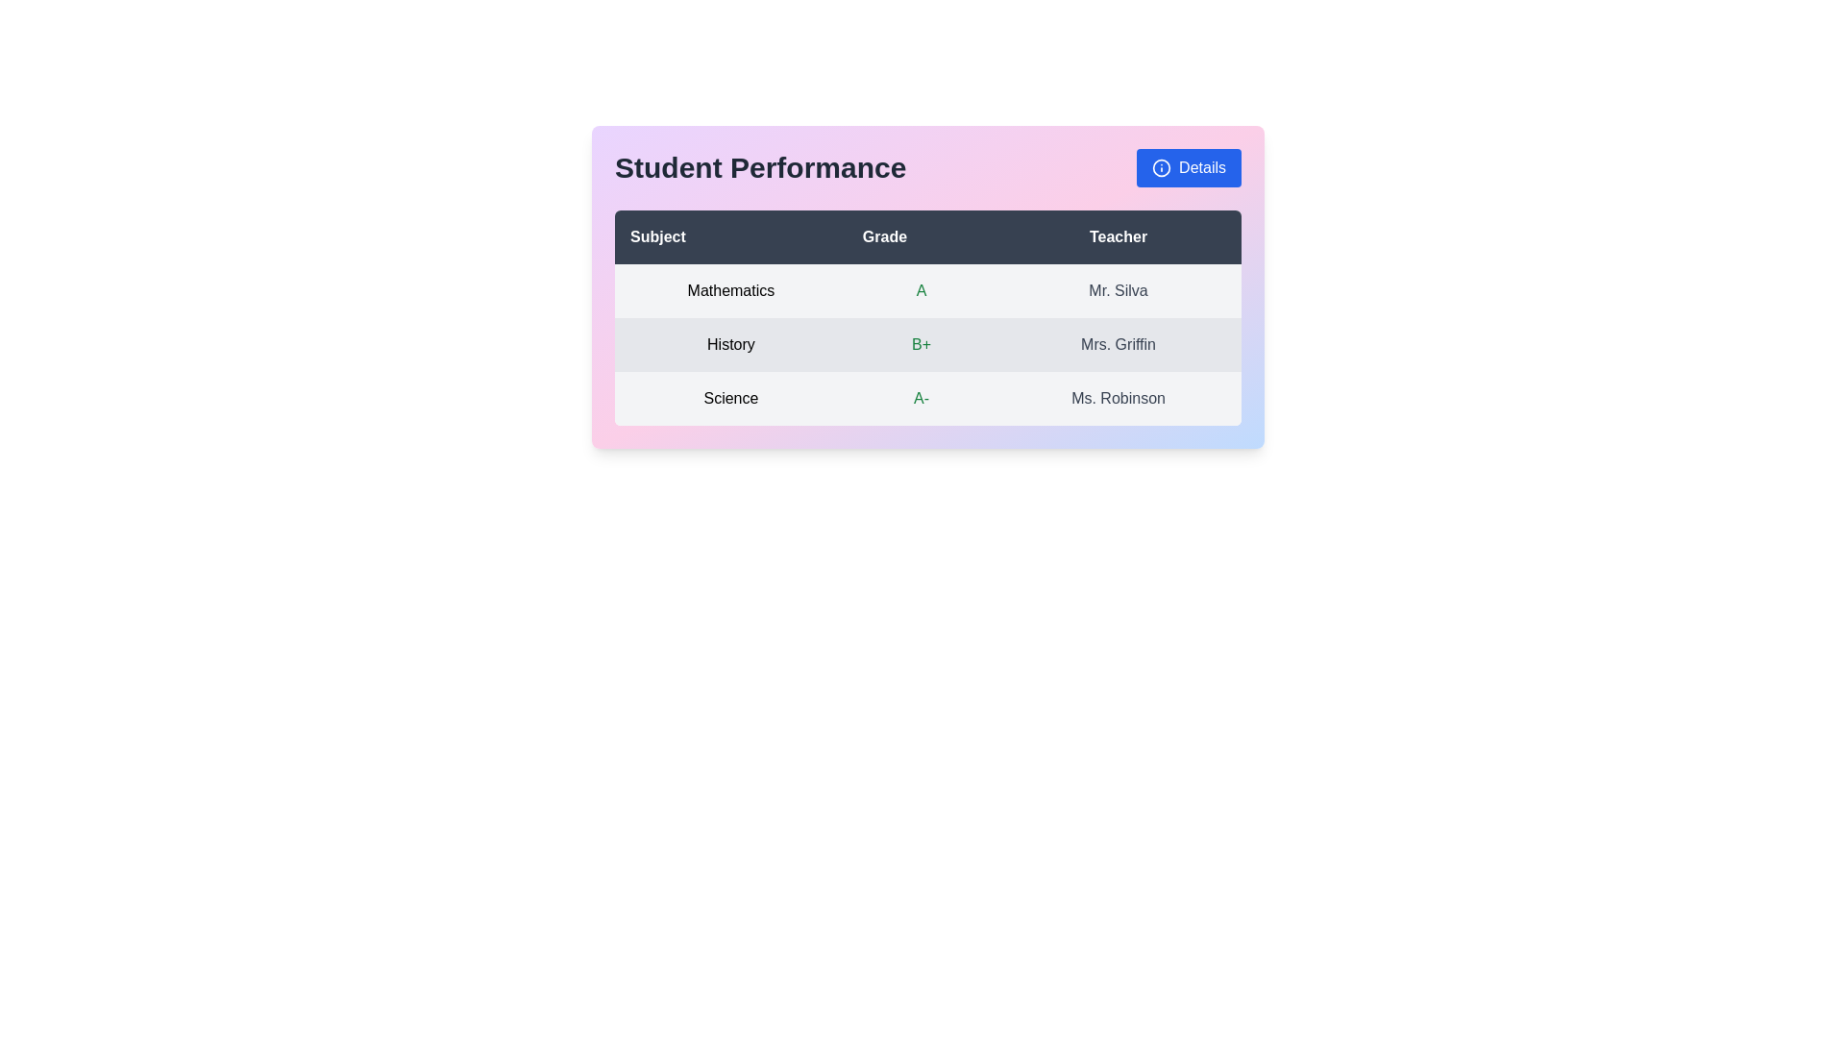 Image resolution: width=1845 pixels, height=1038 pixels. What do you see at coordinates (729, 398) in the screenshot?
I see `the text label indicating the subject name in the student performance table, located in the third row under the 'Subject' column` at bounding box center [729, 398].